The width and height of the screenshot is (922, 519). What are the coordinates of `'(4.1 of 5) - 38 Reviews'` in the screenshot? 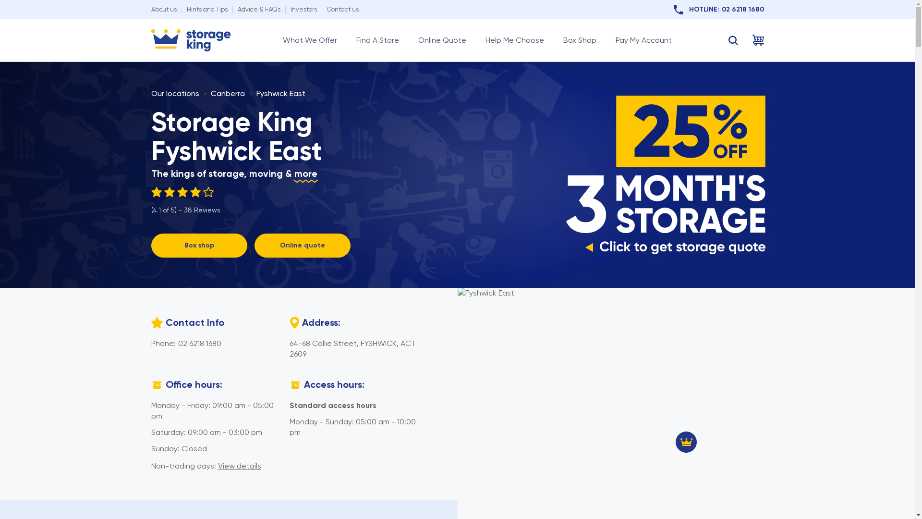 It's located at (185, 200).